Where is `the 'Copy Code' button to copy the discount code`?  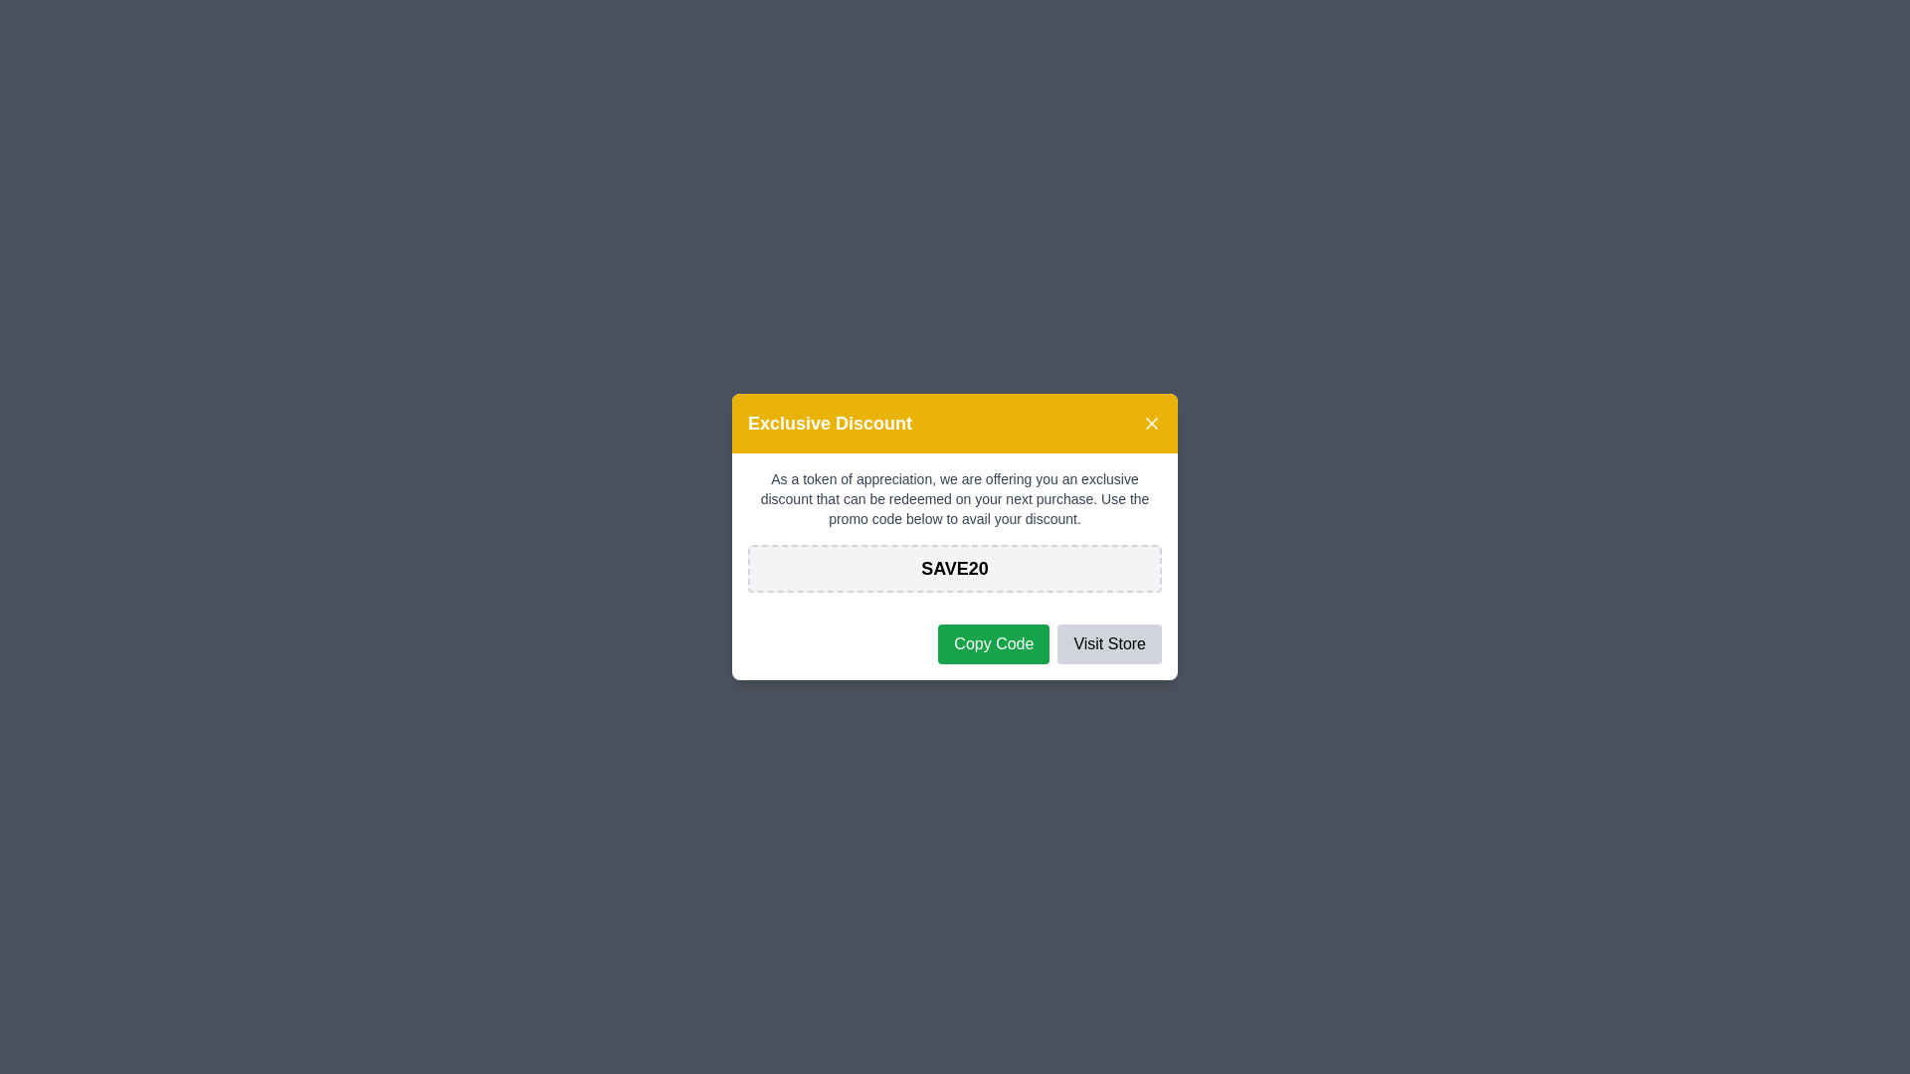
the 'Copy Code' button to copy the discount code is located at coordinates (993, 644).